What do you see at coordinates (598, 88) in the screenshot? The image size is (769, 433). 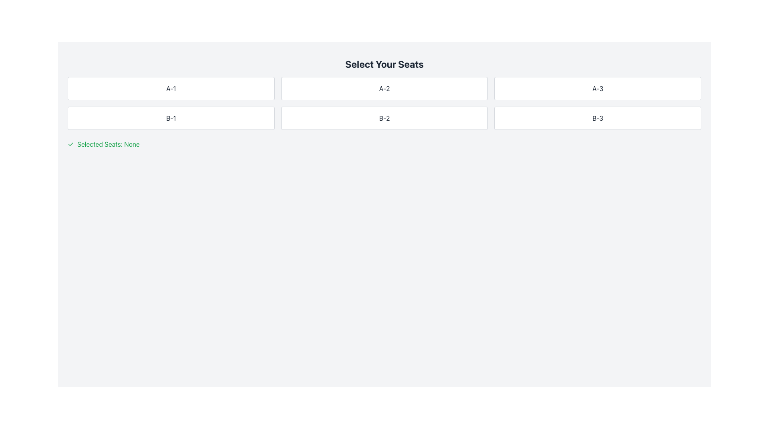 I see `the button labeled 'A-3', which is a rectangular box with a white background and rounded borders, to confirm selection` at bounding box center [598, 88].